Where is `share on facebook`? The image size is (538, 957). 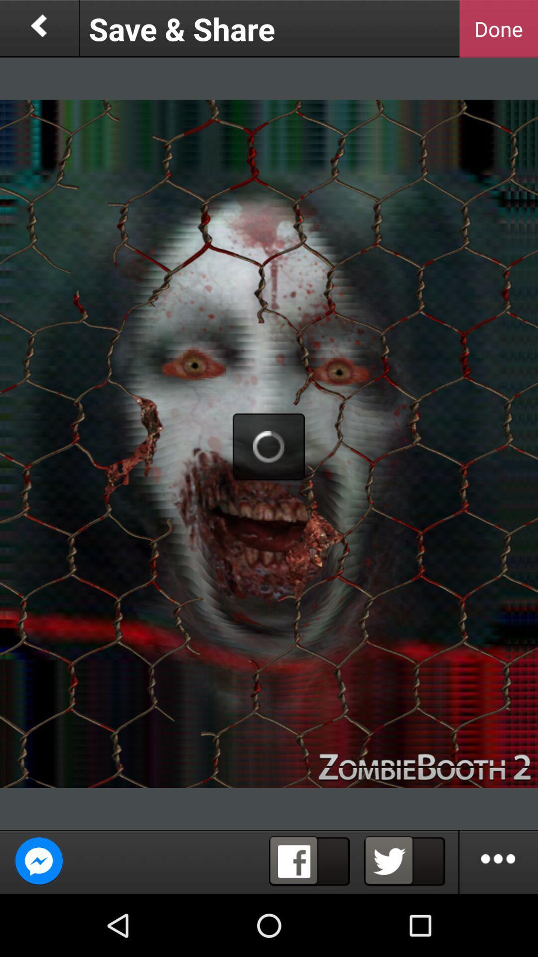 share on facebook is located at coordinates (309, 861).